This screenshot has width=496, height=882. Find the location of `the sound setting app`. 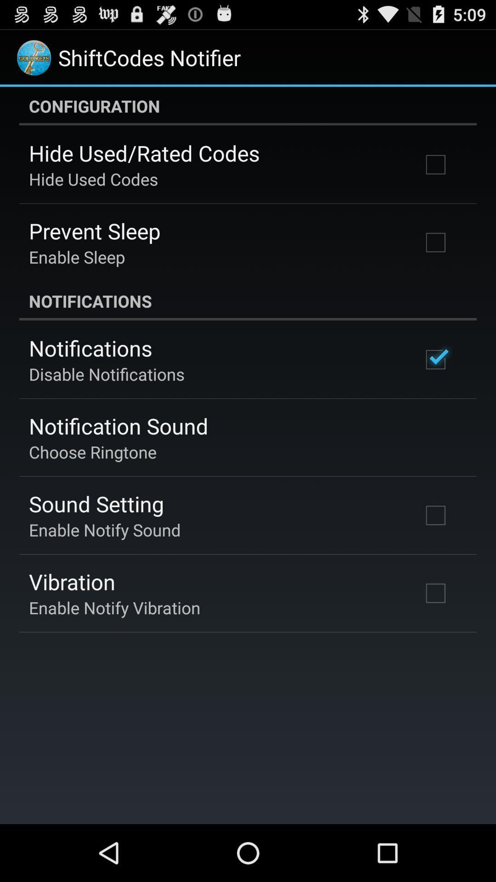

the sound setting app is located at coordinates (96, 503).